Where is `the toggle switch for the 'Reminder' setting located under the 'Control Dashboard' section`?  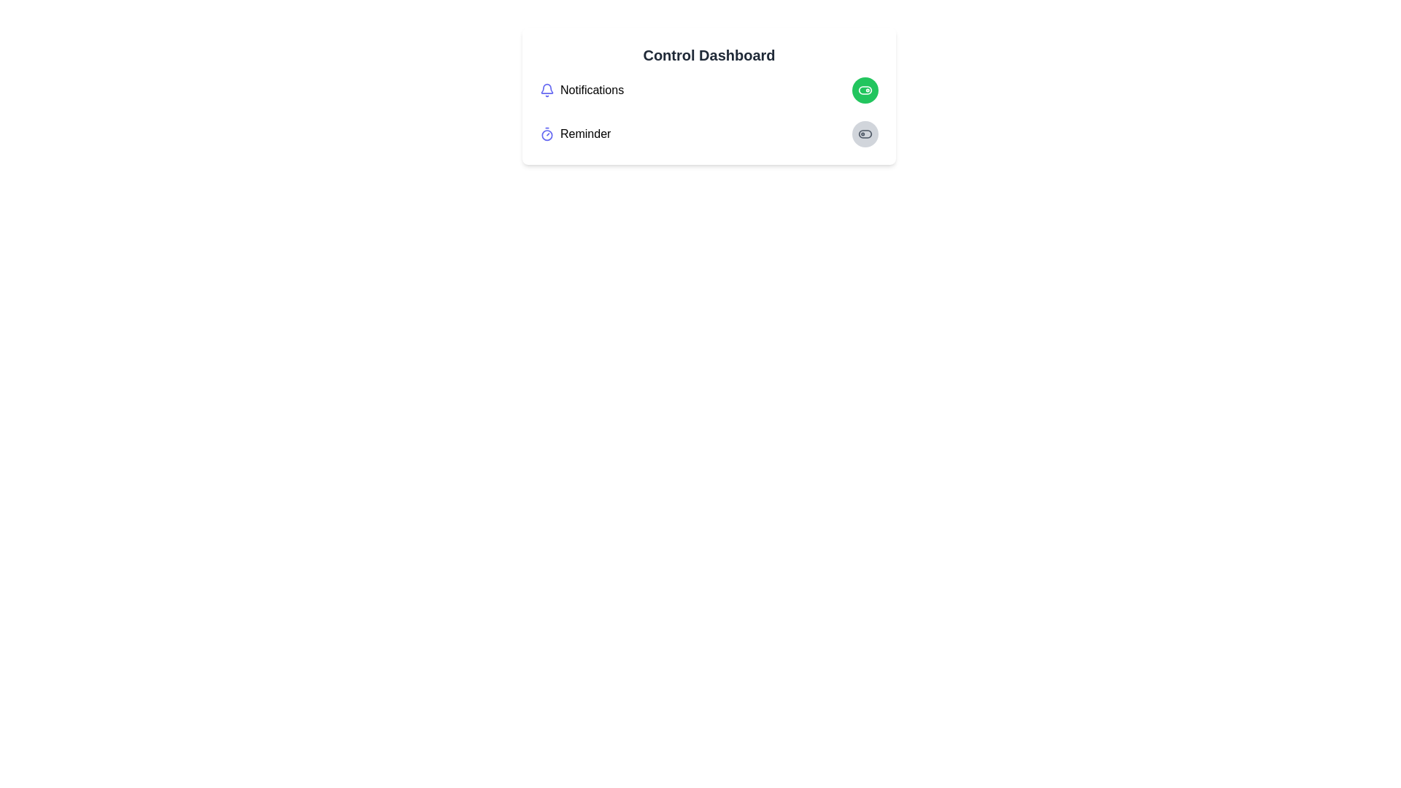 the toggle switch for the 'Reminder' setting located under the 'Control Dashboard' section is located at coordinates (709, 134).